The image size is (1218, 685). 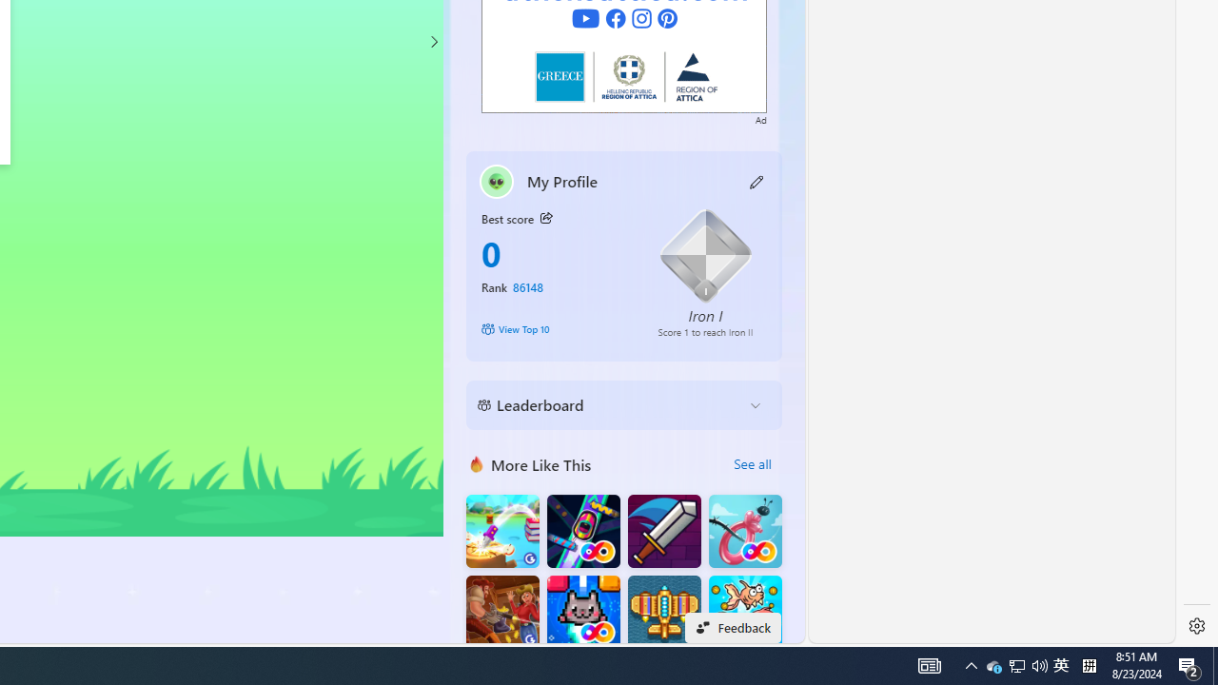 I want to click on 'Atlantic Sky Hunter', so click(x=664, y=612).